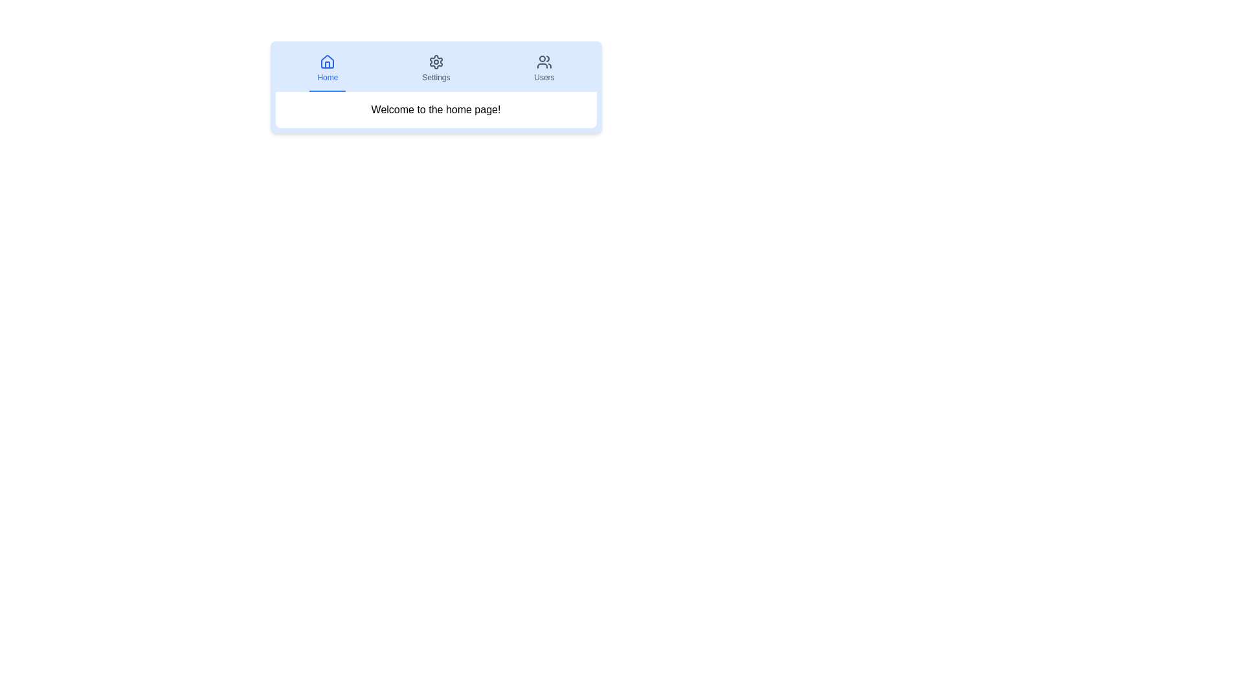  I want to click on the Settings tab by clicking on it, so click(436, 69).